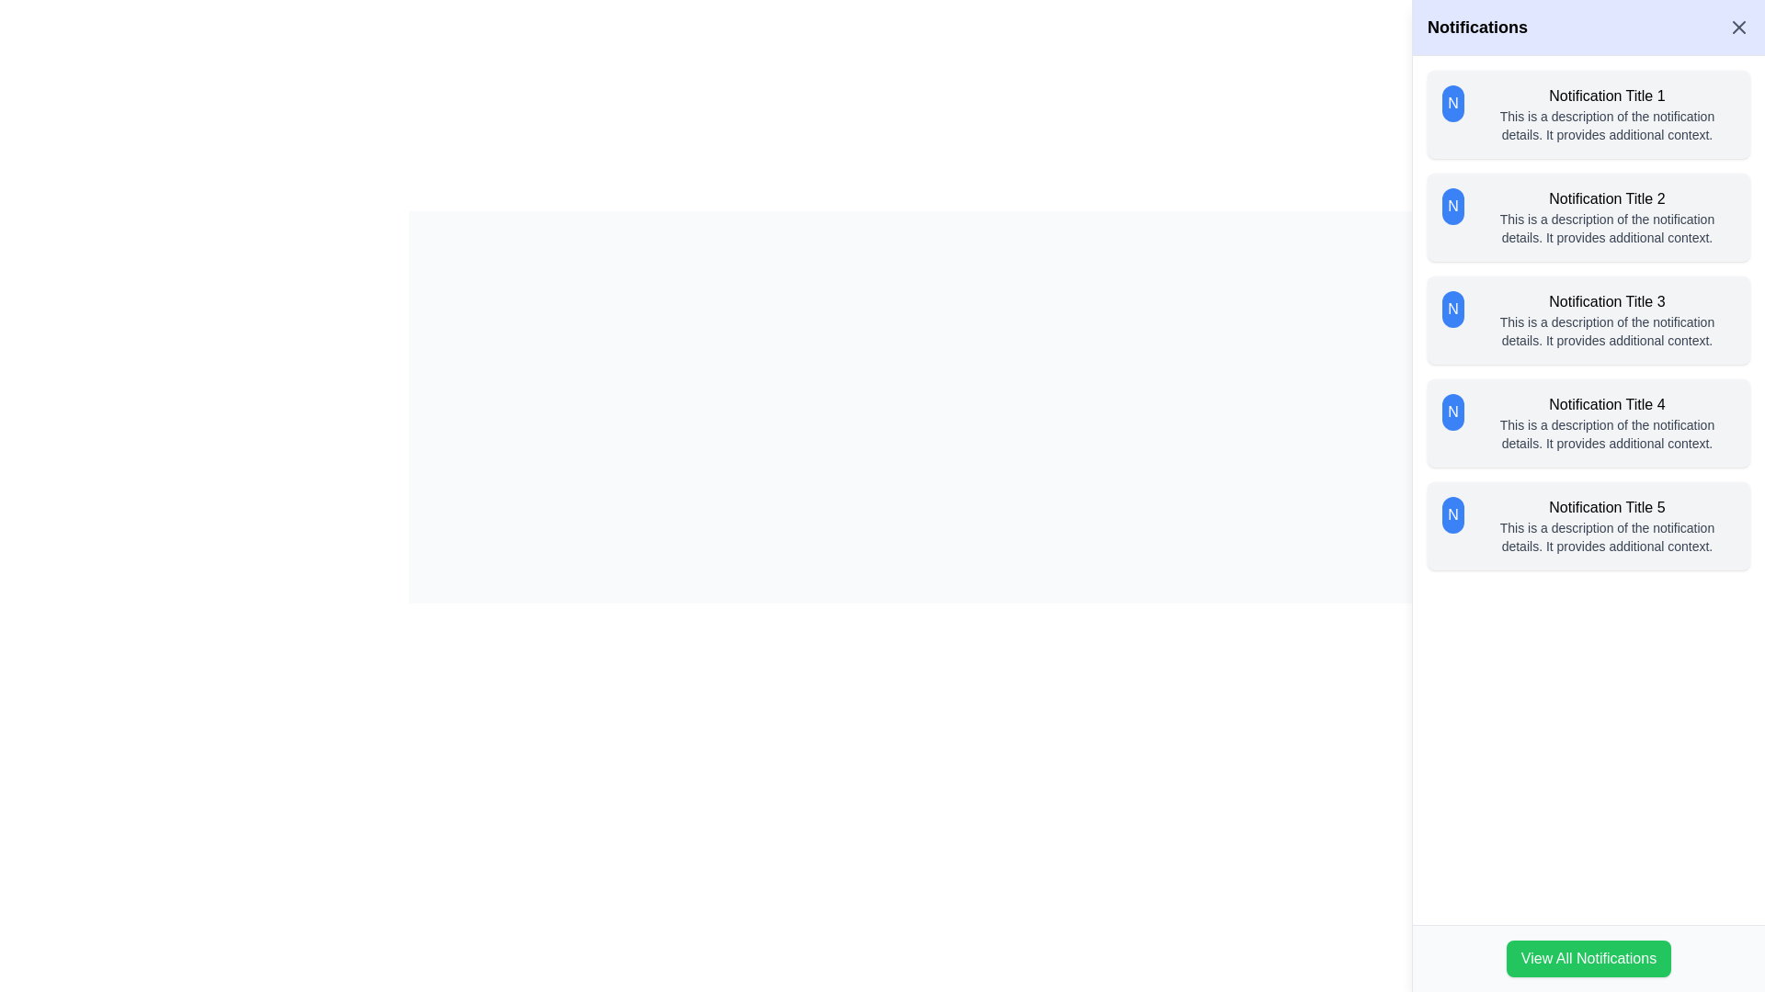 The height and width of the screenshot is (992, 1765). Describe the element at coordinates (1606, 434) in the screenshot. I see `descriptive text block located under 'Notification Title 4' in the notifications panel, which is the fourth notification in the list` at that location.